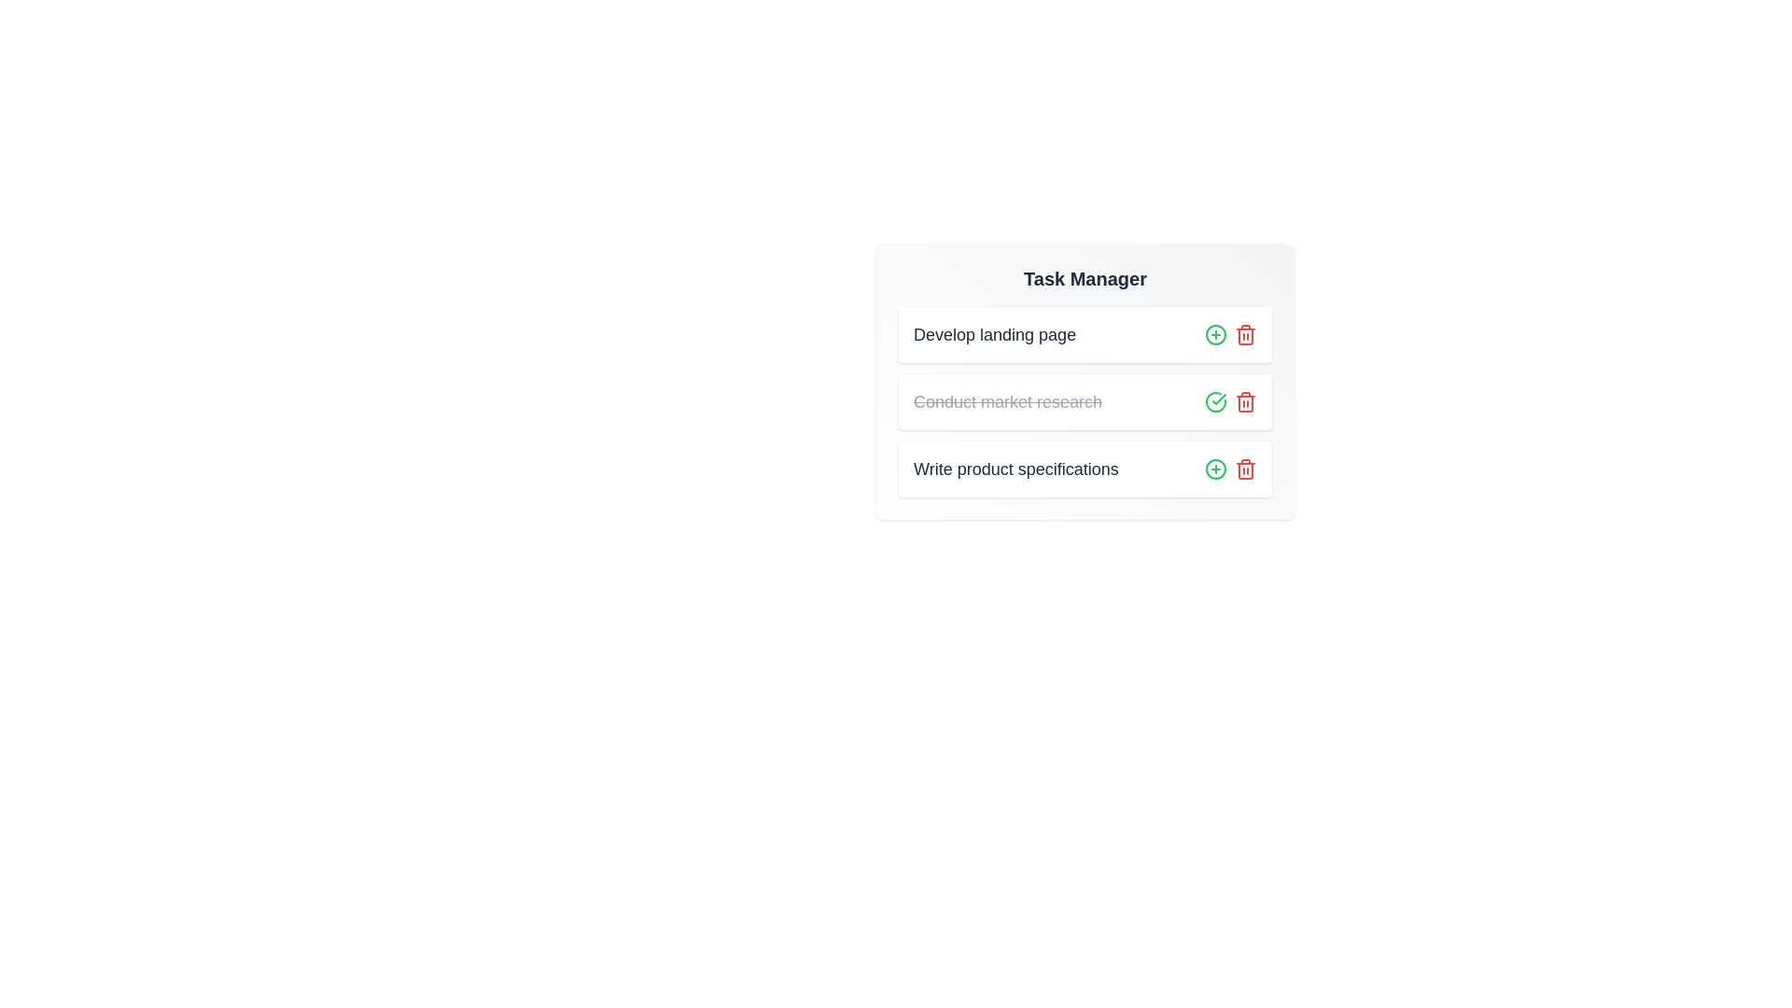 This screenshot has height=1008, width=1792. What do you see at coordinates (1245, 468) in the screenshot?
I see `the trash icon corresponding to the task 'Write product specifications' to delete it` at bounding box center [1245, 468].